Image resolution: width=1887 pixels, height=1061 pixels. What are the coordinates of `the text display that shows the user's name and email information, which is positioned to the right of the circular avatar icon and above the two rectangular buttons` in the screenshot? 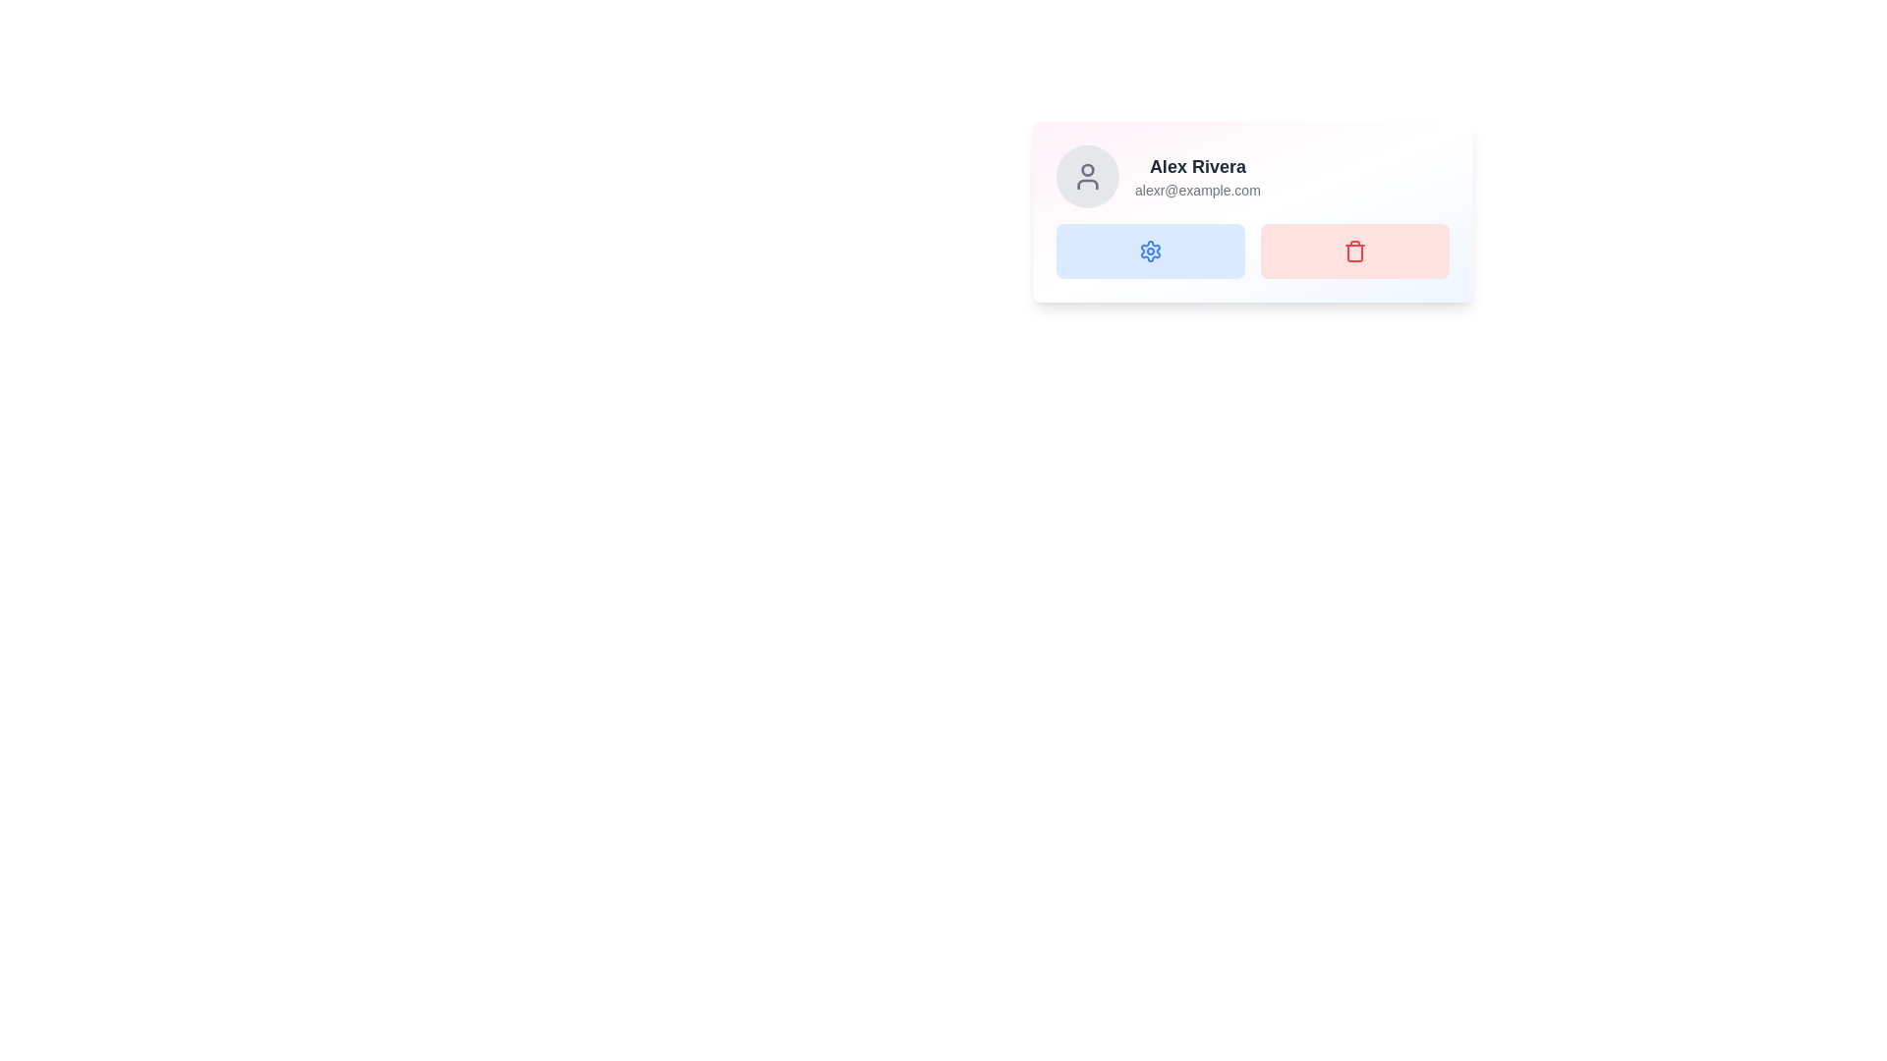 It's located at (1196, 177).